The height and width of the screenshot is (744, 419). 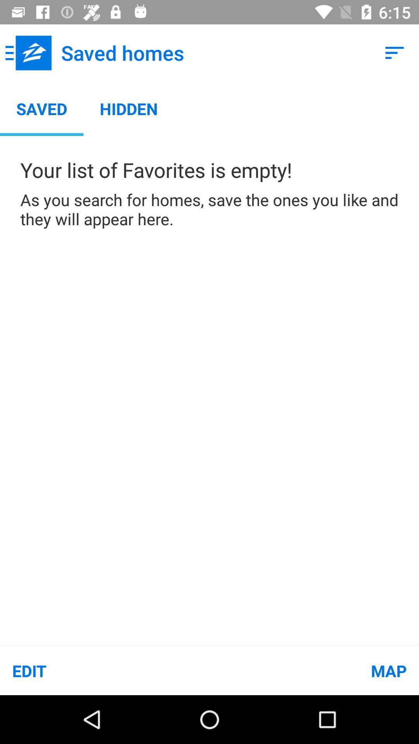 I want to click on item to the left of saved homes icon, so click(x=28, y=52).